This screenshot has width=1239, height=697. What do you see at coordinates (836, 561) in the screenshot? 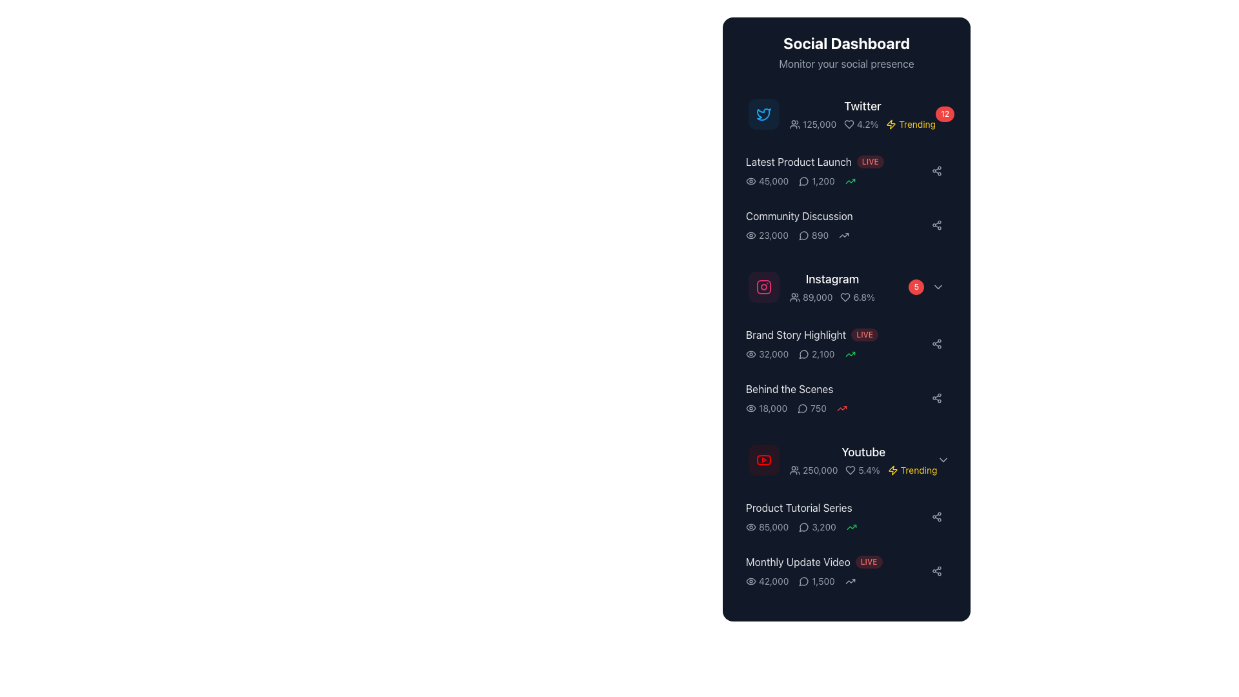
I see `the 'Monthly Update Video' text label with the 'LIVE' badge, which is the last entry in the list on the social dashboard interface` at bounding box center [836, 561].